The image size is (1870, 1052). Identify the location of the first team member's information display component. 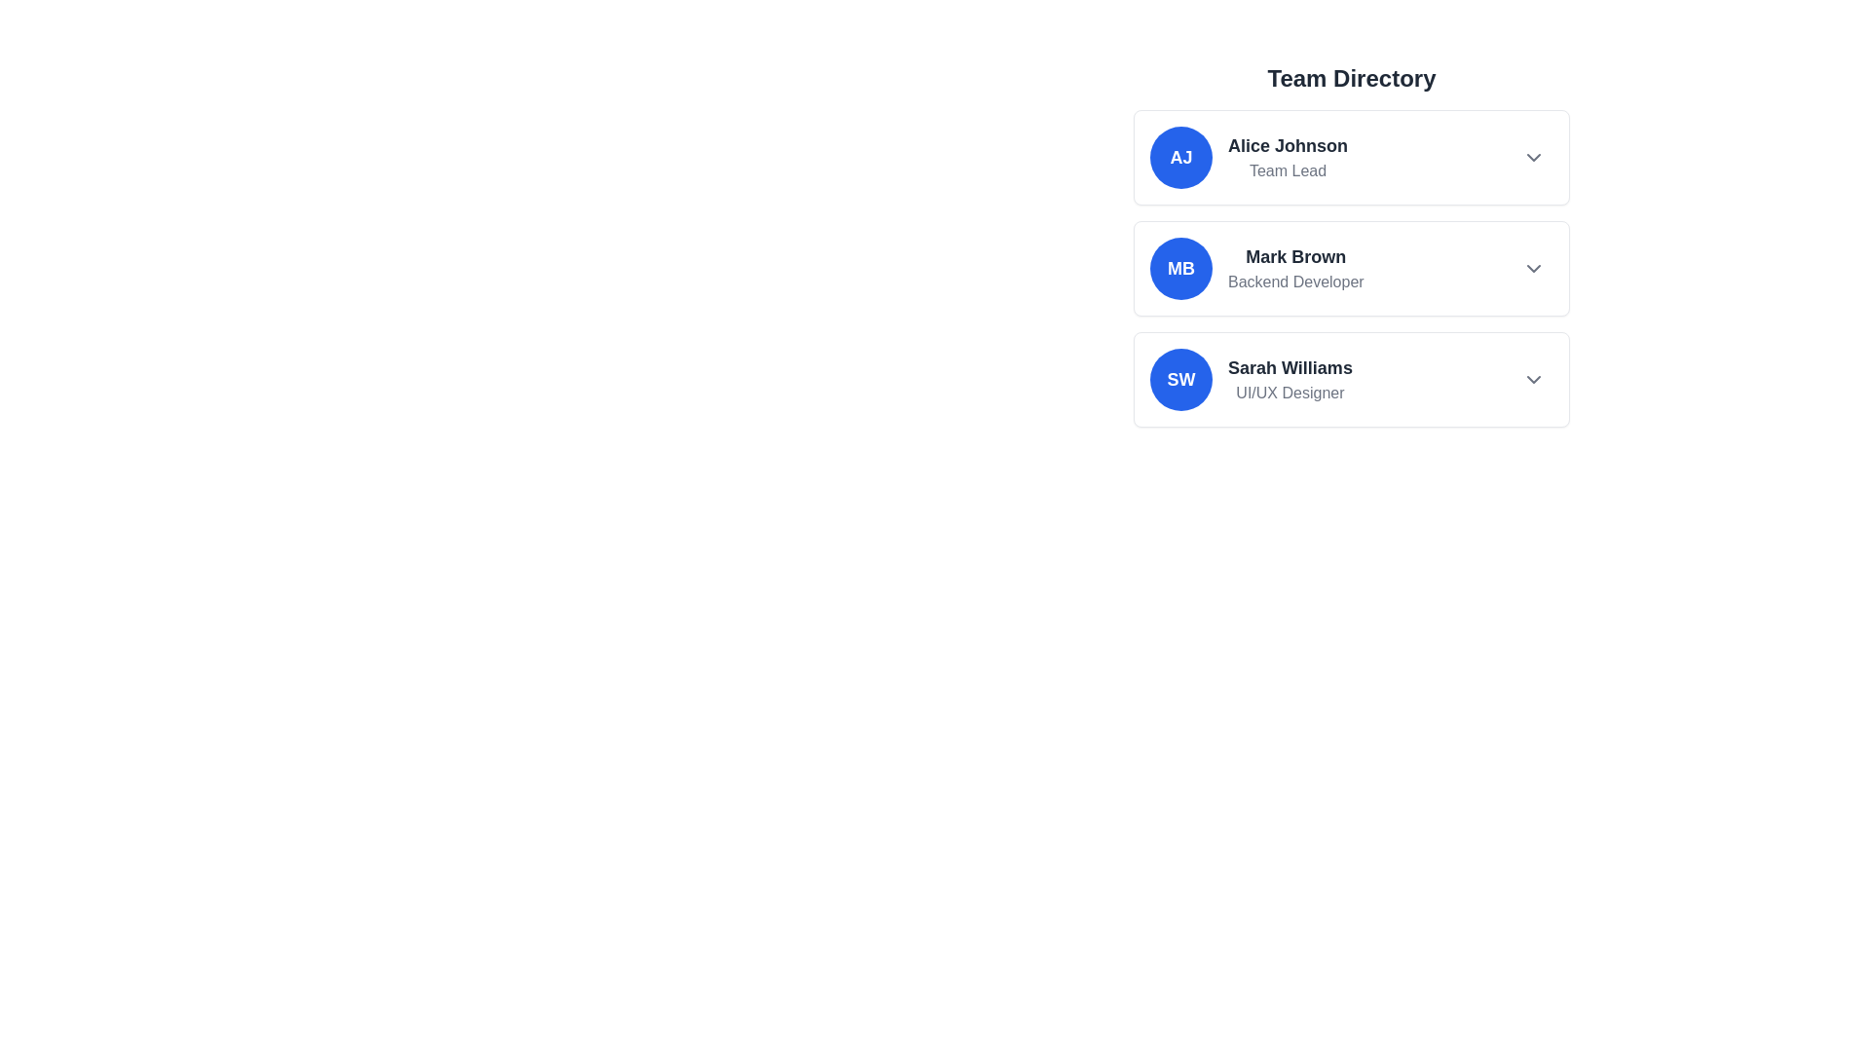
(1249, 157).